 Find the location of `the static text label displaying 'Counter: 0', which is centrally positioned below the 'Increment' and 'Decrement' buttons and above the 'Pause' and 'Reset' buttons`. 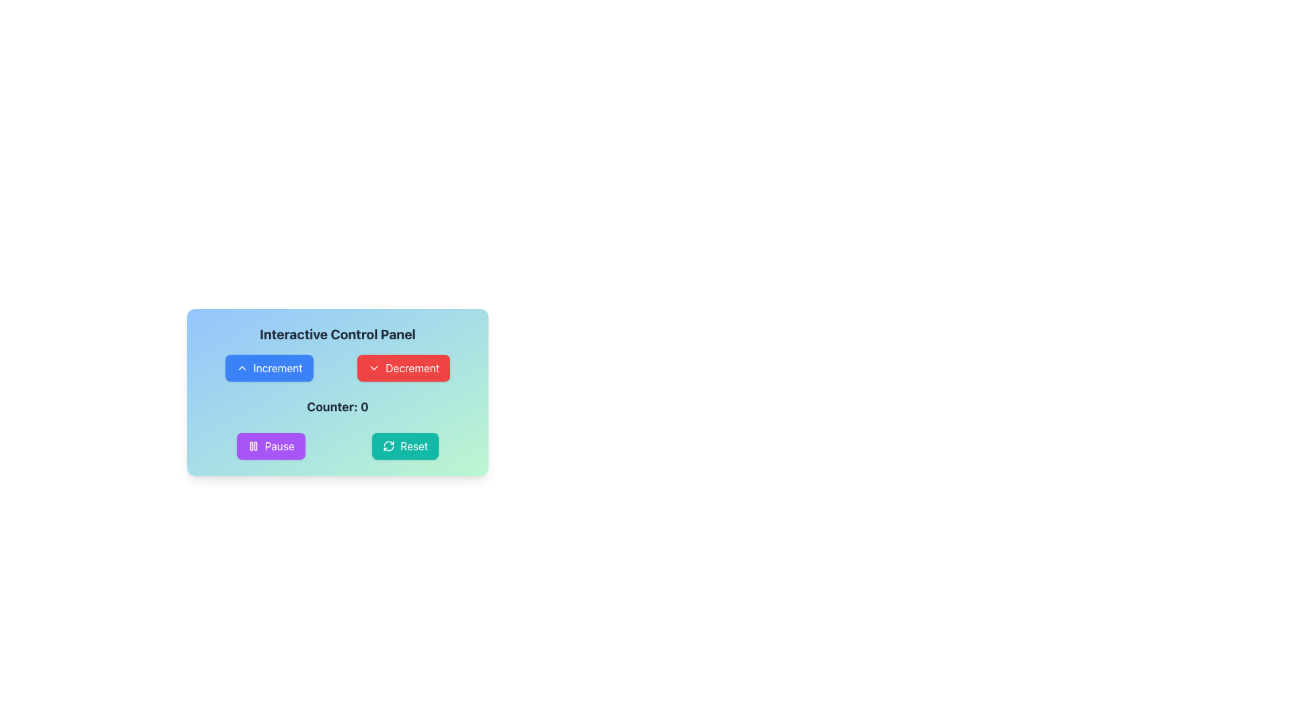

the static text label displaying 'Counter: 0', which is centrally positioned below the 'Increment' and 'Decrement' buttons and above the 'Pause' and 'Reset' buttons is located at coordinates (338, 407).